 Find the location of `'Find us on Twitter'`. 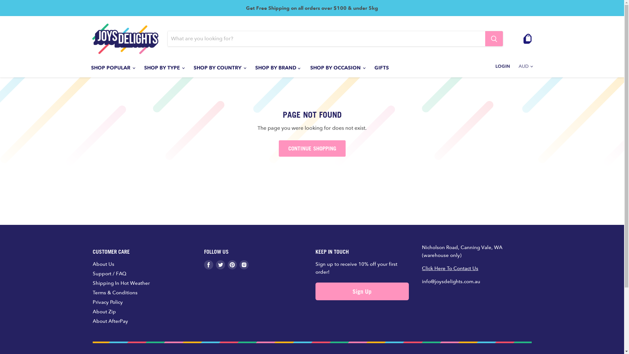

'Find us on Twitter' is located at coordinates (215, 264).